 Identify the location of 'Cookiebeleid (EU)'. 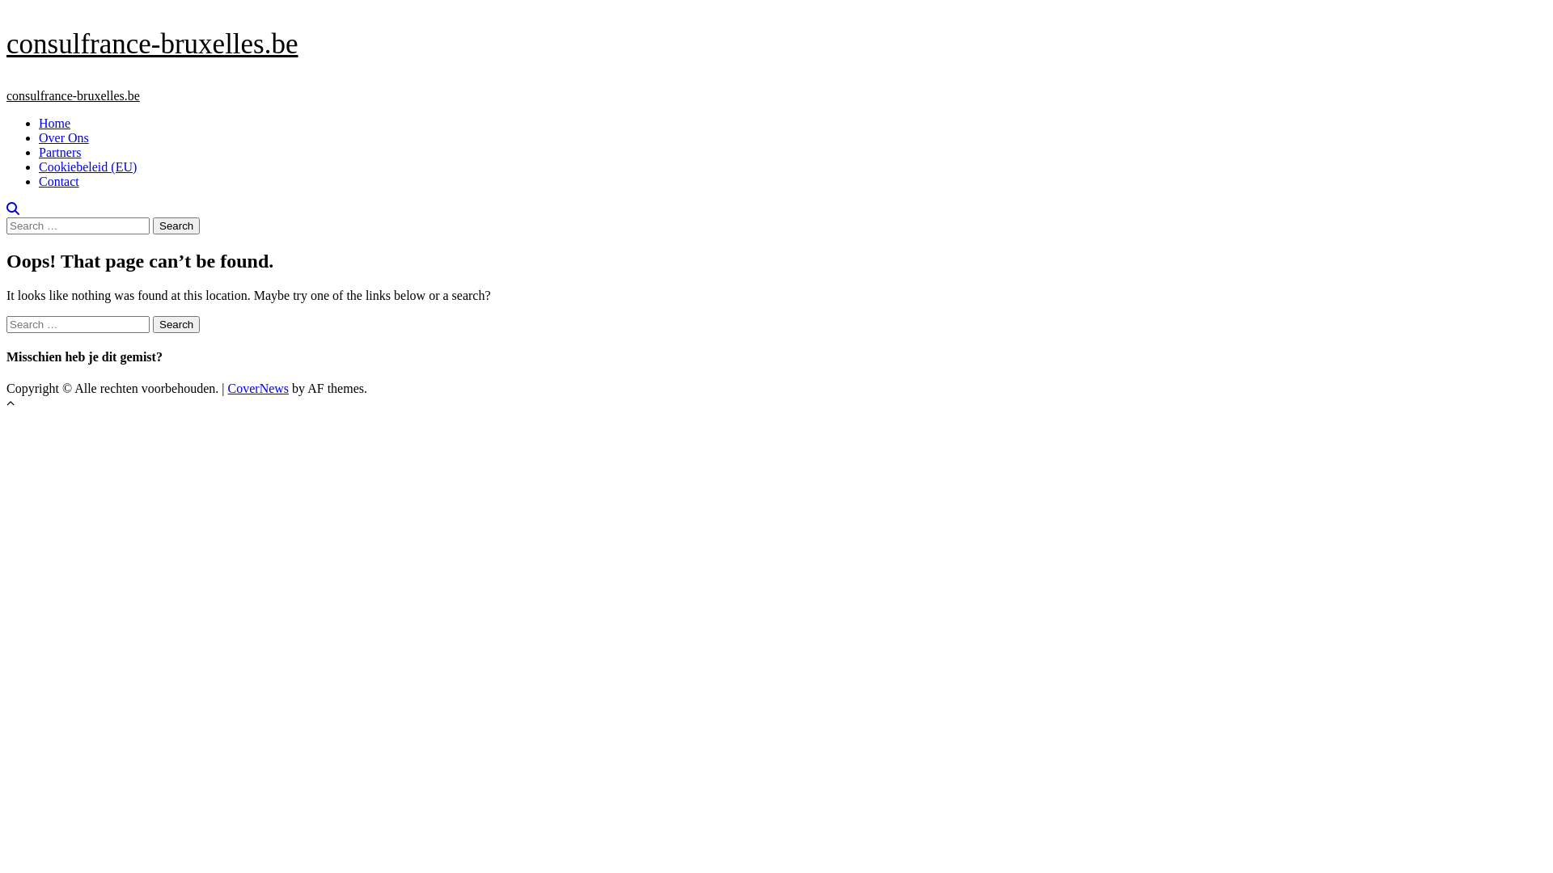
(87, 167).